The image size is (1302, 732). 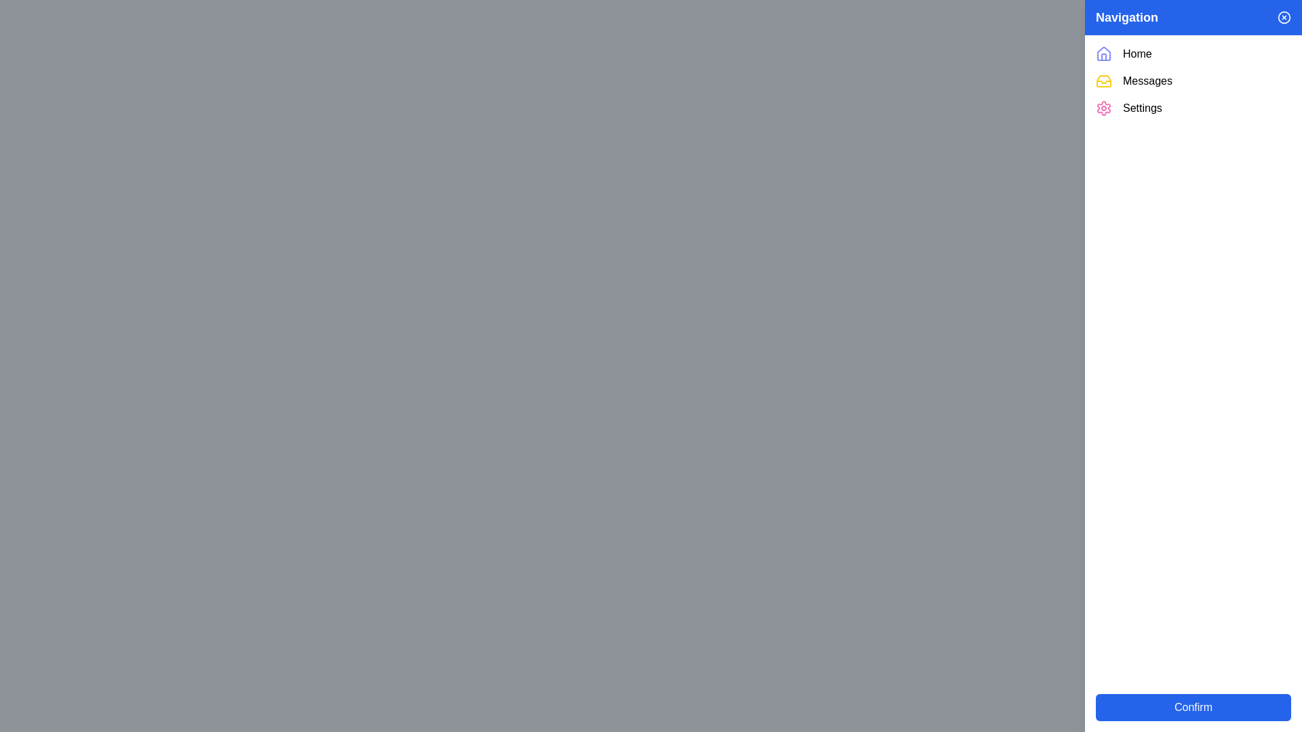 I want to click on the 'Settings' text label, which is part of the navigation menu and located next to a pink gear icon, so click(x=1141, y=107).